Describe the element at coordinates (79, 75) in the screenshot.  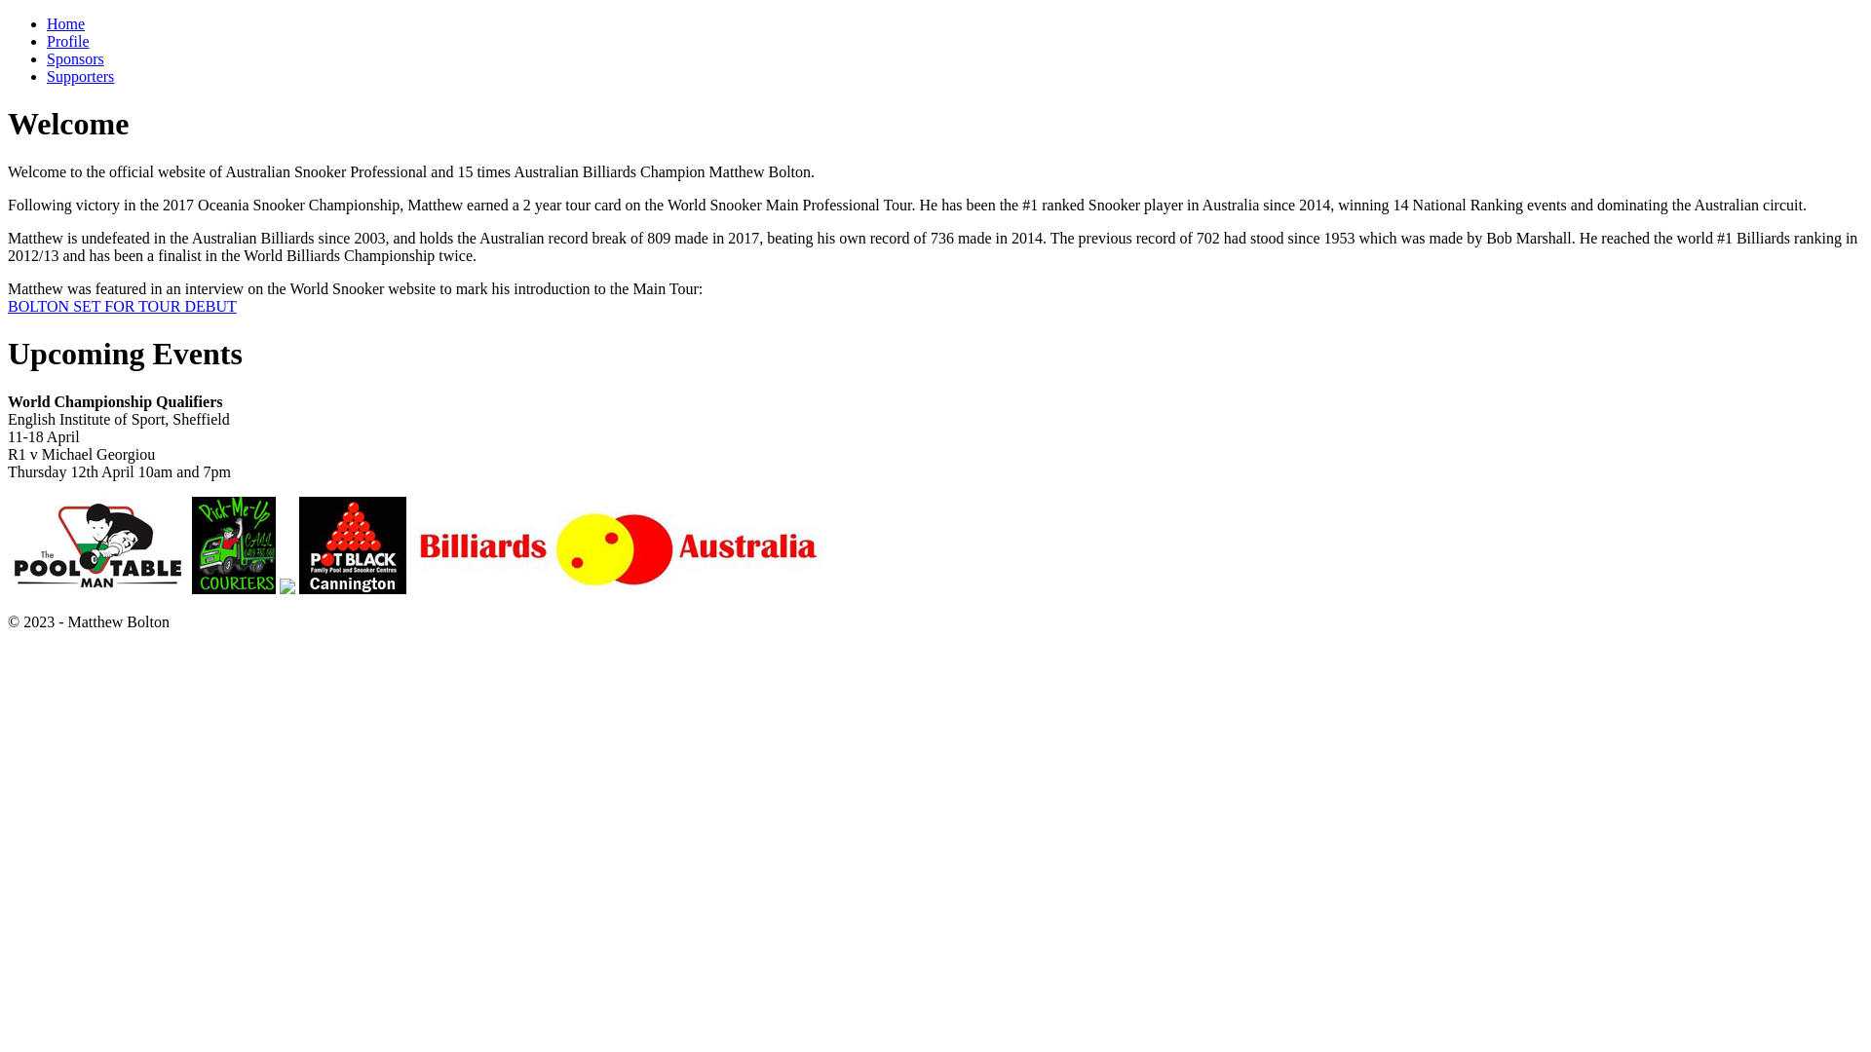
I see `'Supporters'` at that location.